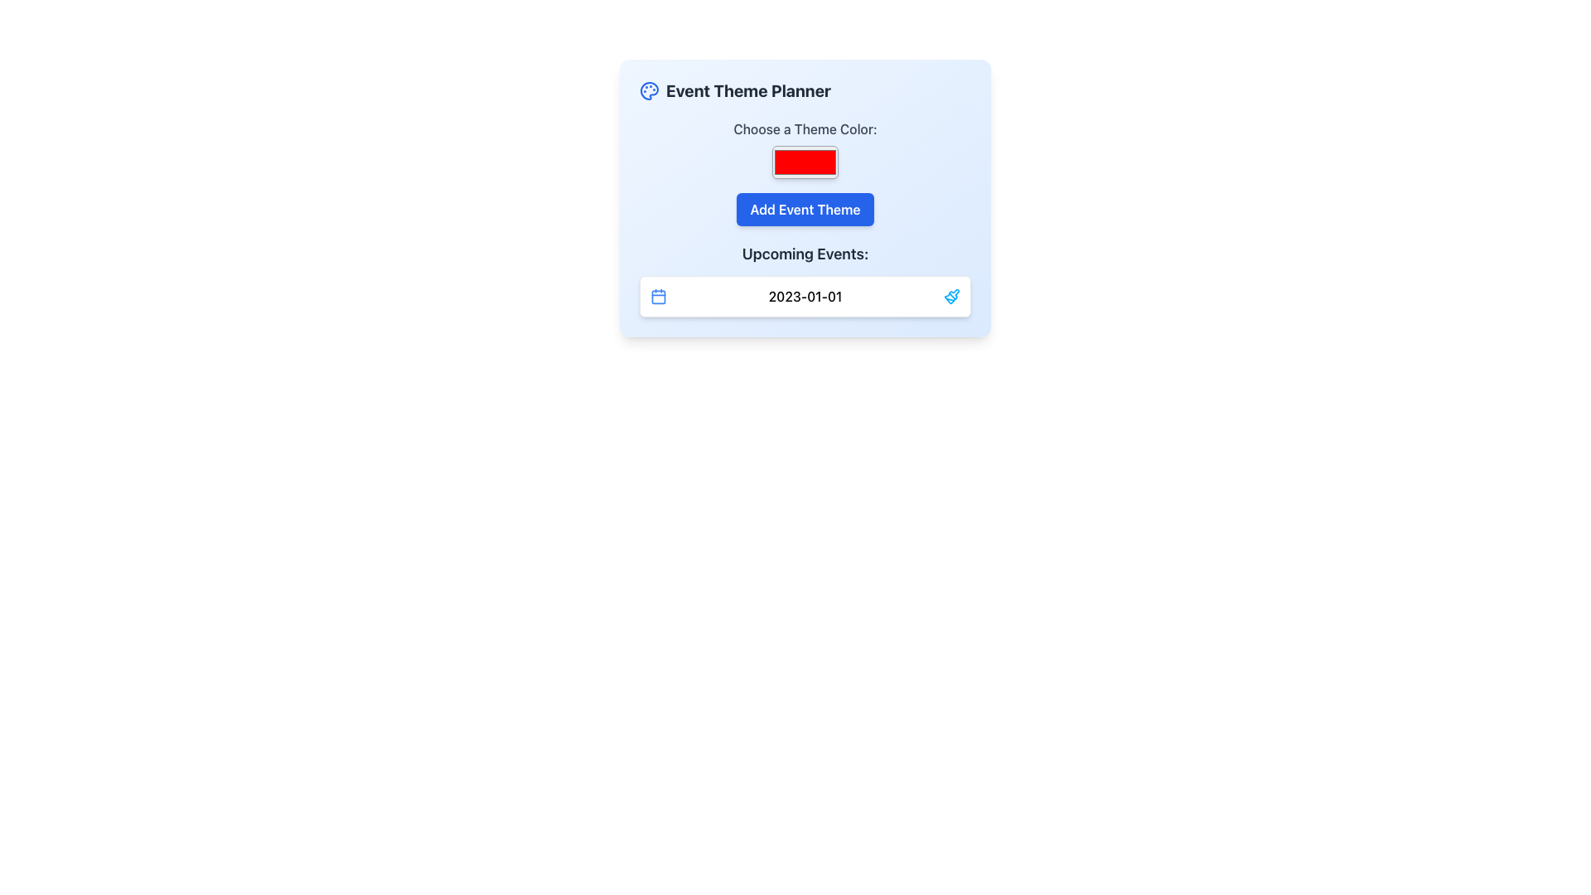  I want to click on the confirm button located under the header 'Choose a Theme Color:', so click(805, 209).